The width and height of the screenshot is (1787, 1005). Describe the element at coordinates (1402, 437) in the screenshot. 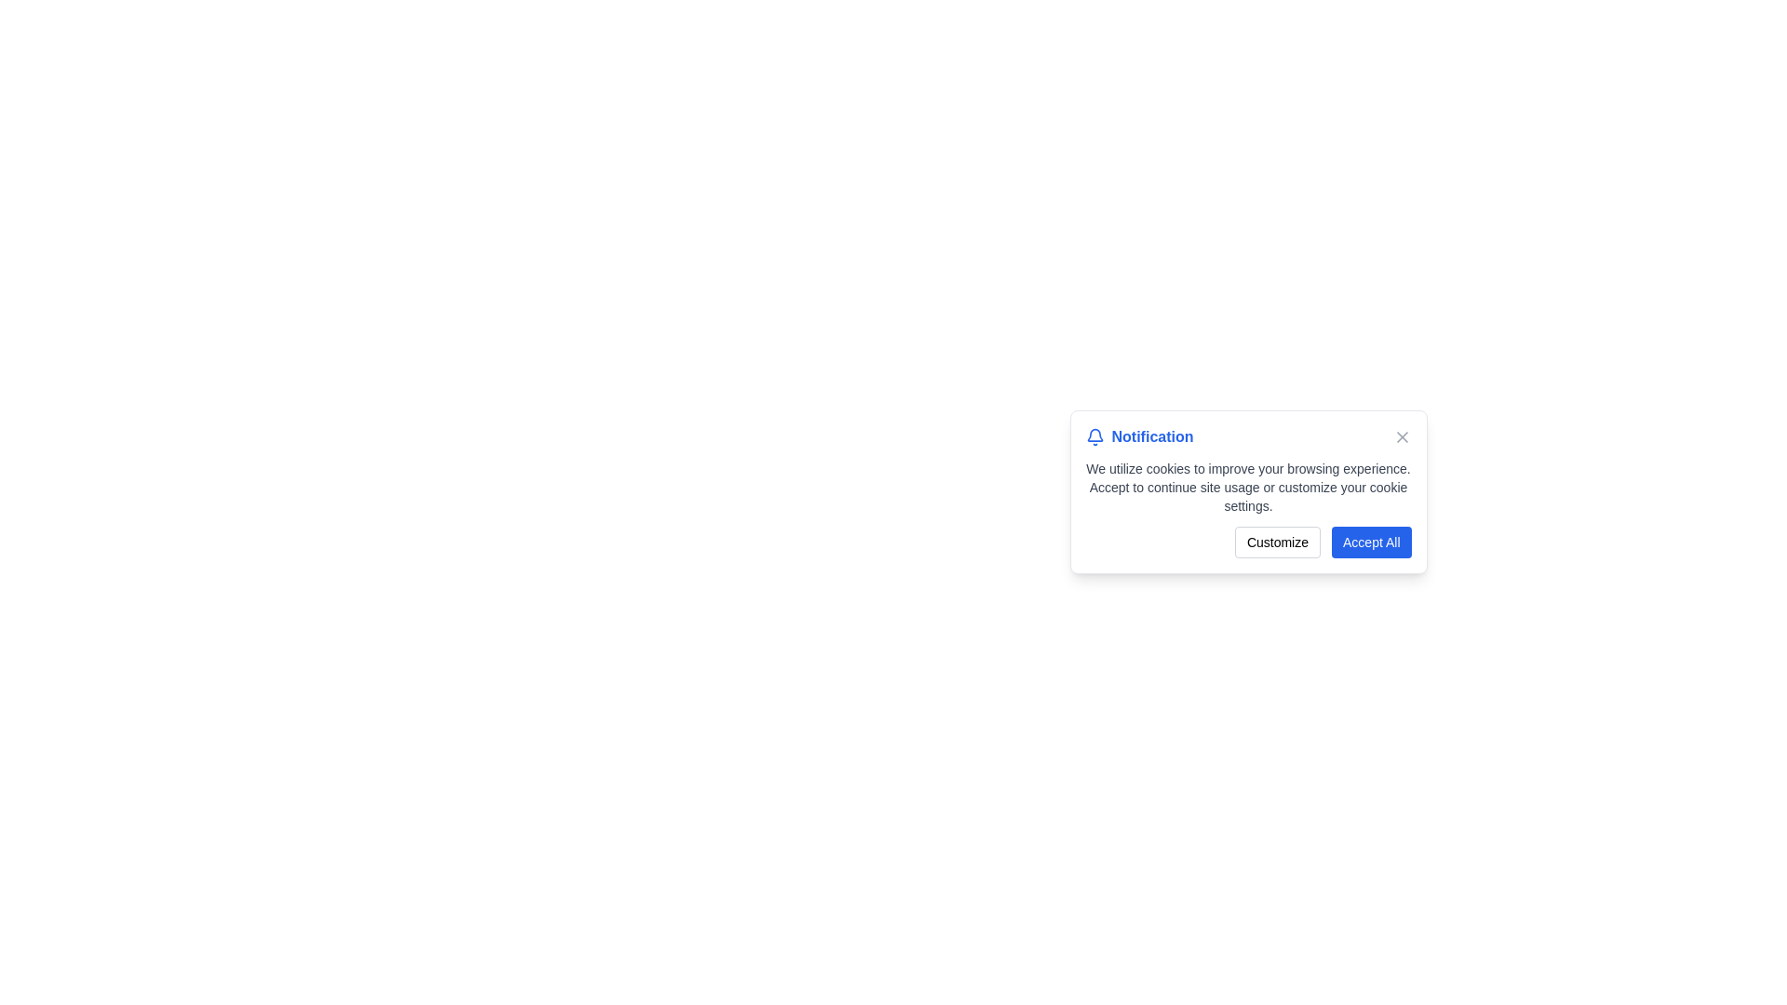

I see `the close button located at the rightmost side of the header bar containing the 'Notification' text` at that location.